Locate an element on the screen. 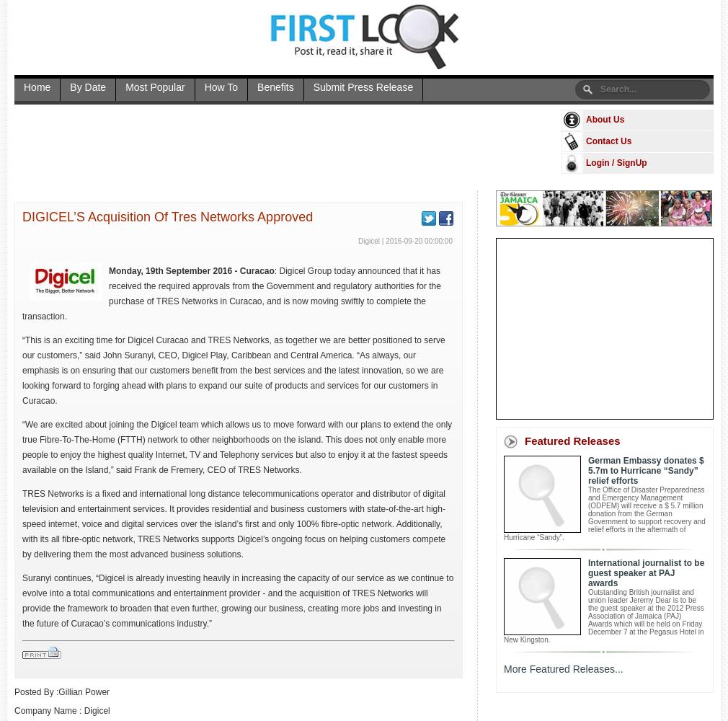 This screenshot has width=728, height=721. 'Suranyi continues, “Digicel is already investing heavily in increasing the capacity of our service as we continue to evolve into a total communications and entertainment provider - and the acquisition of TRES Networks will provide the framework to broaden that even further, growing our business, creating more jobs and investing in the future of Curacao’s communications industry.”' is located at coordinates (237, 600).